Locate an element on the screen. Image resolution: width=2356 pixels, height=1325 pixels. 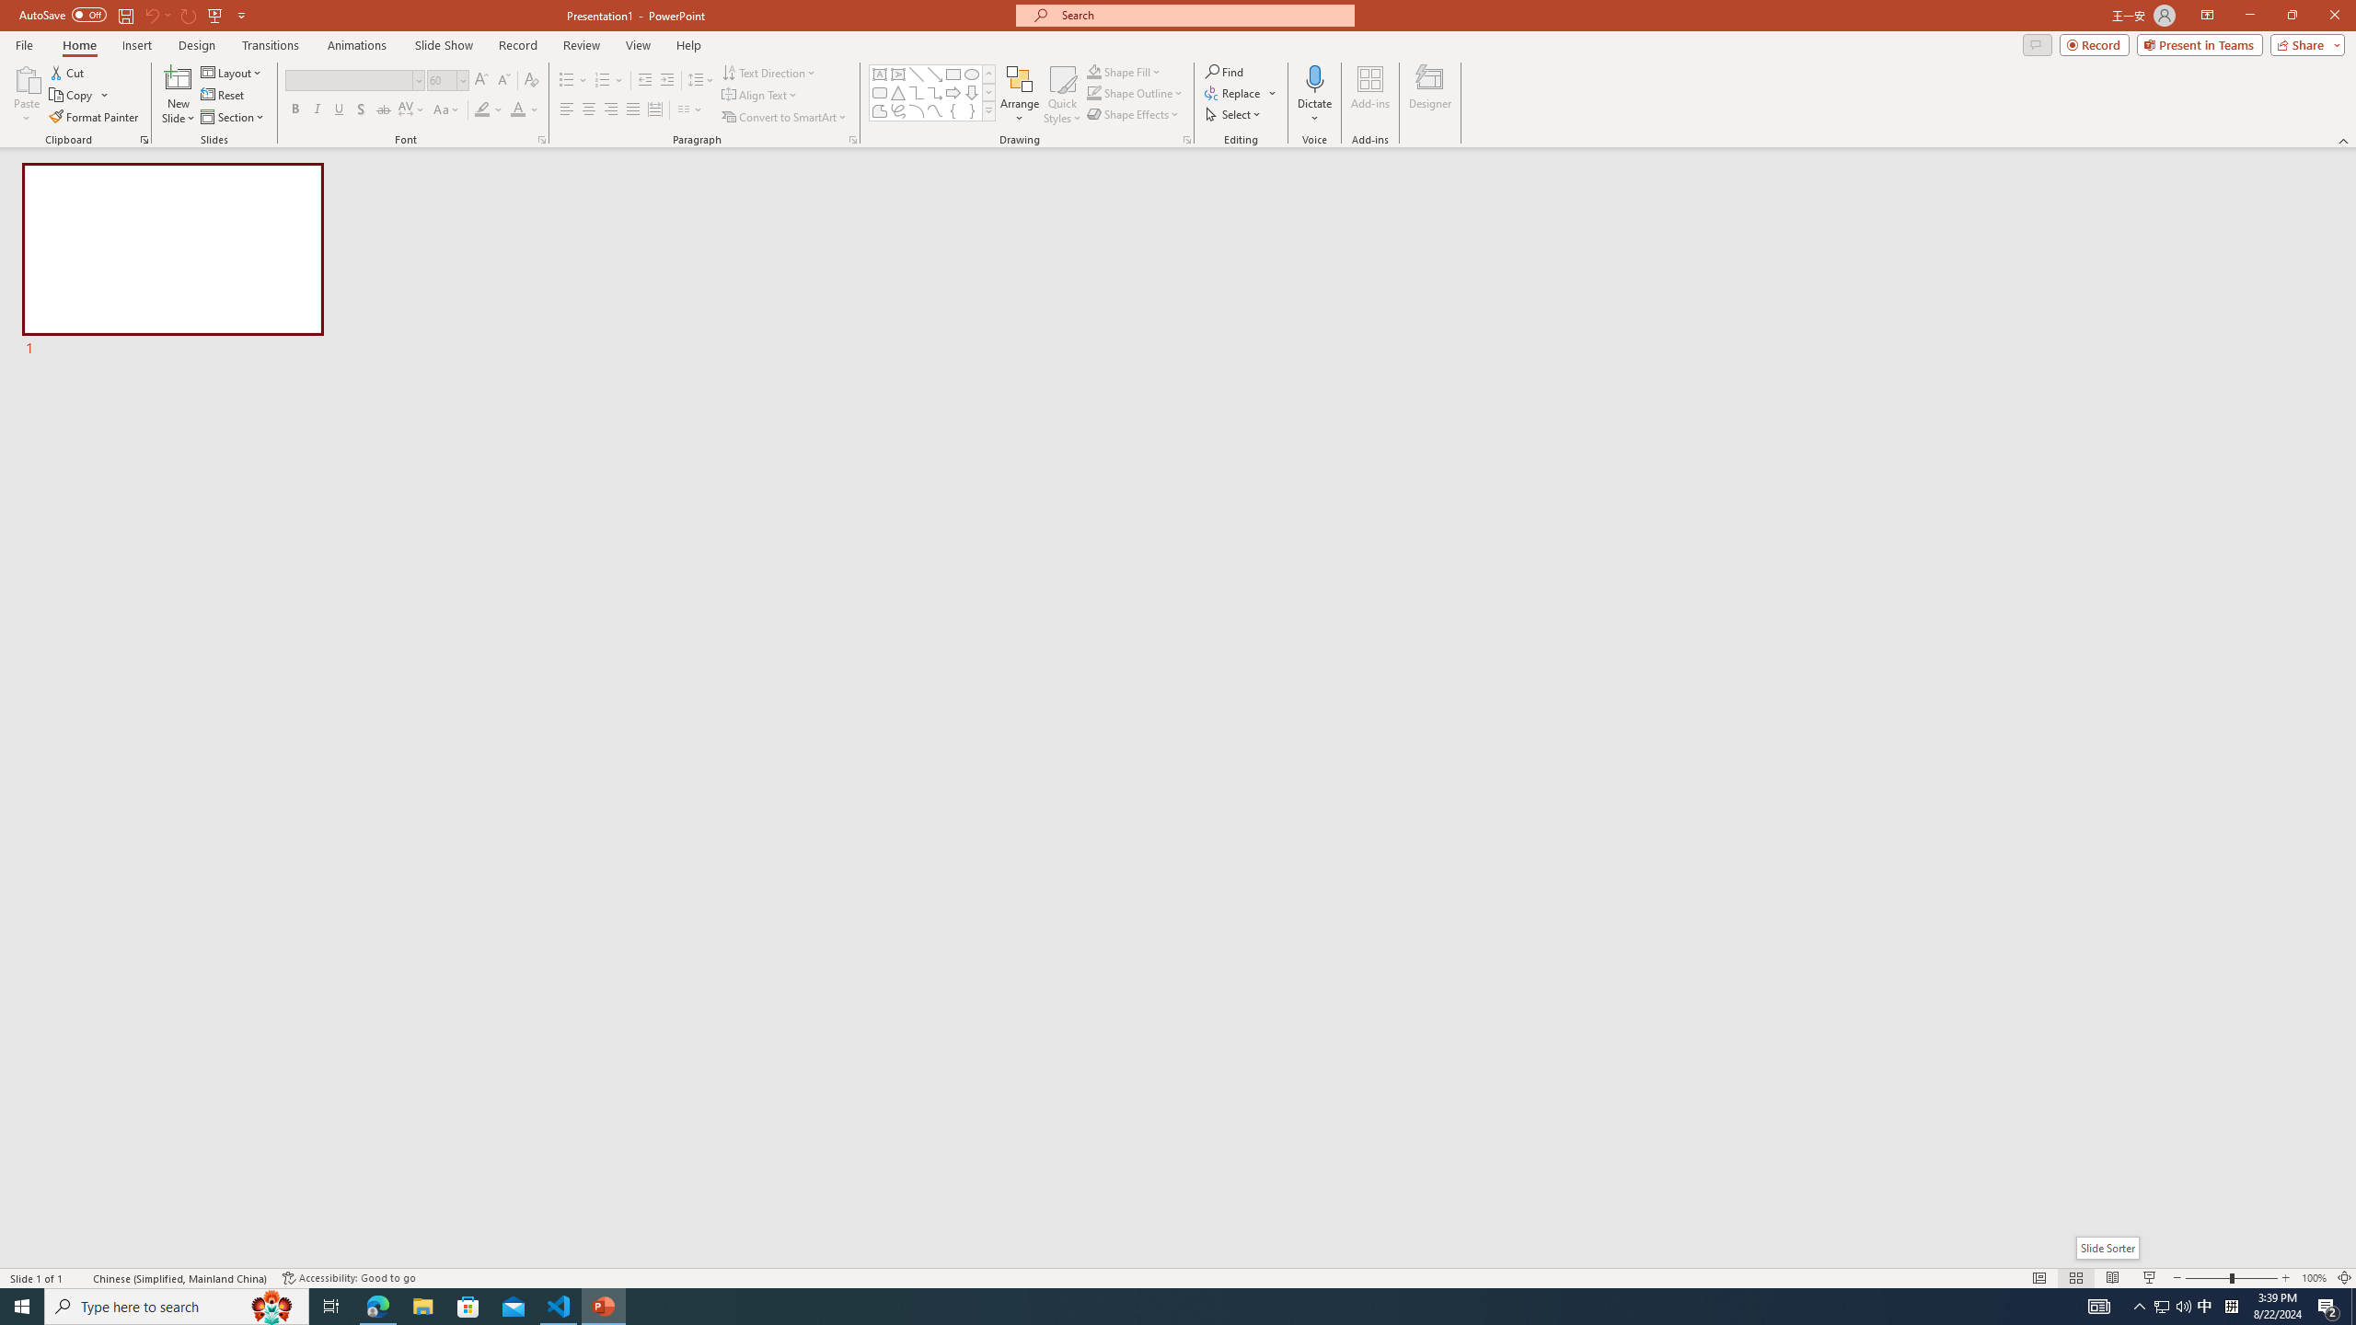
'Bullets' is located at coordinates (573, 80).